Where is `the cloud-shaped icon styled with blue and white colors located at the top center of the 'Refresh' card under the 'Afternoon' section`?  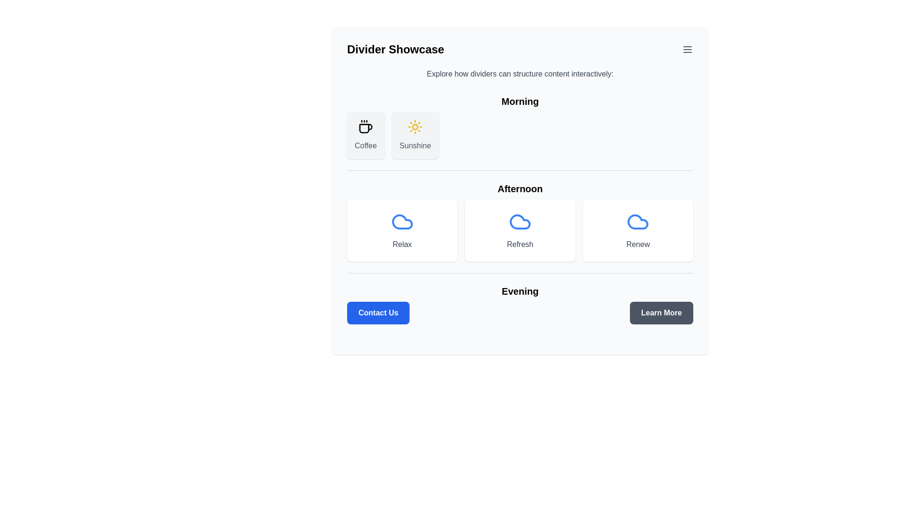
the cloud-shaped icon styled with blue and white colors located at the top center of the 'Refresh' card under the 'Afternoon' section is located at coordinates (519, 222).